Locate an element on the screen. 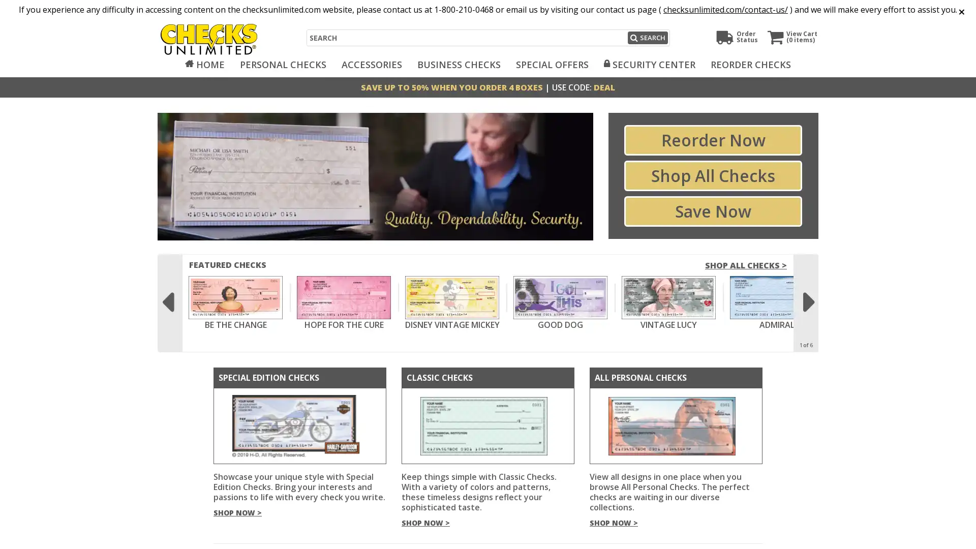  SEARCH is located at coordinates (647, 37).